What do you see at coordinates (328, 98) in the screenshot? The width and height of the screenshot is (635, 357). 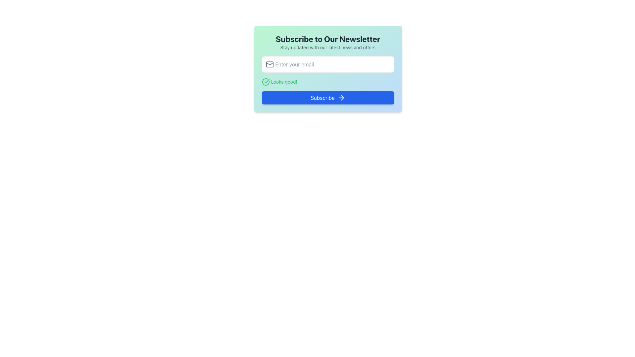 I see `the 'Subscribe' button, which has a bold blue background and white text, to trigger a visual effect` at bounding box center [328, 98].